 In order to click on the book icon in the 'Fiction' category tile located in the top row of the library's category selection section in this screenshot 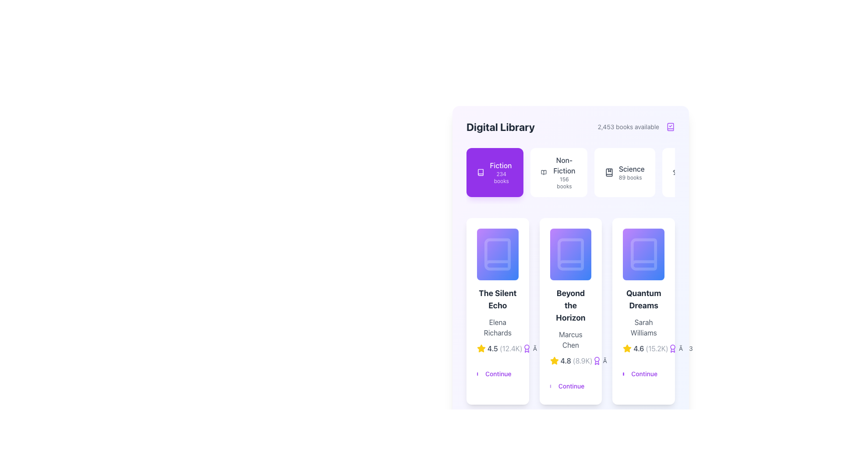, I will do `click(480, 172)`.